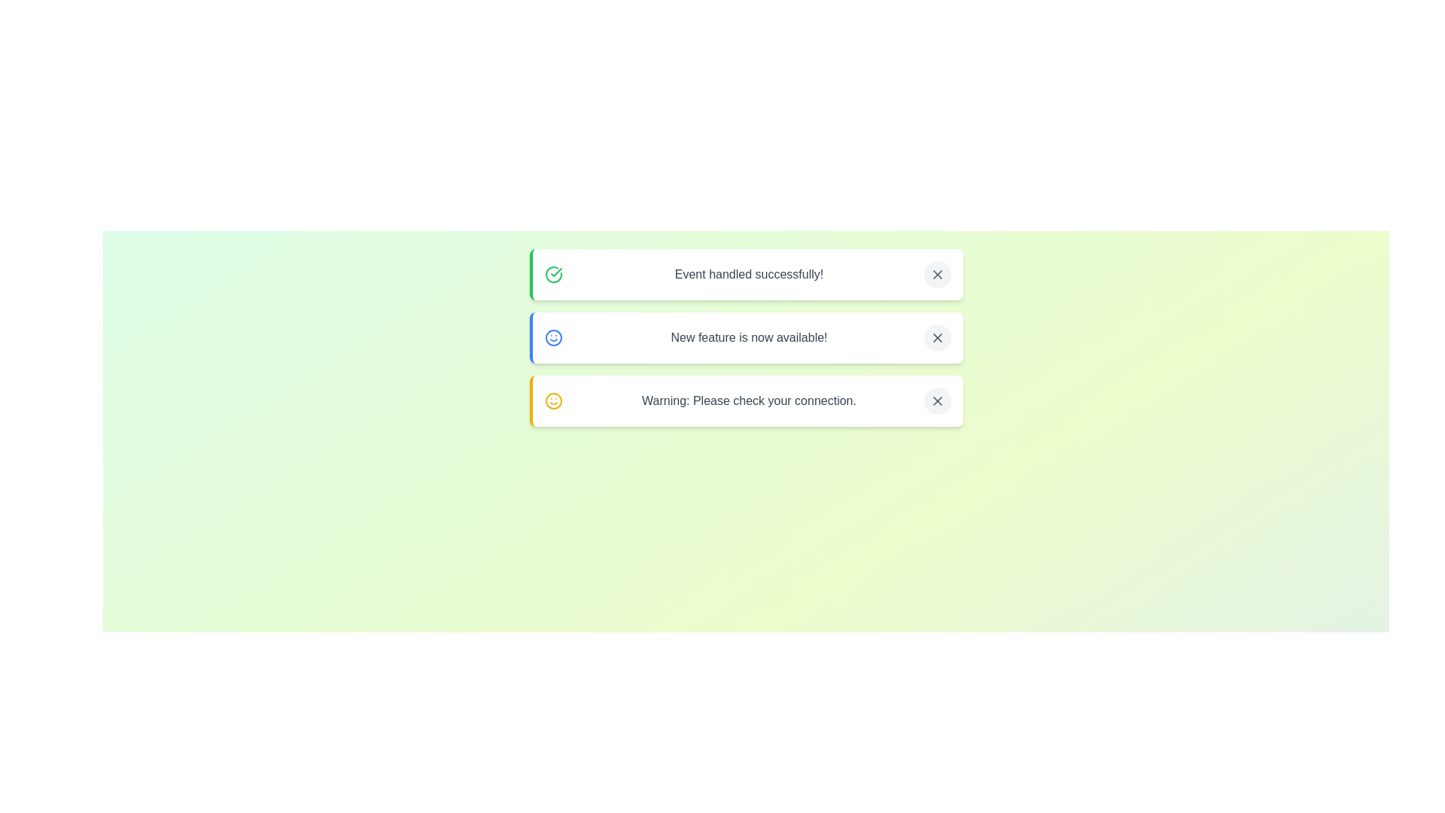 The width and height of the screenshot is (1445, 813). What do you see at coordinates (936, 336) in the screenshot?
I see `the close button icon located in the top-right corner of the middle notification card that dismisses the notification message 'New feature is now available!'` at bounding box center [936, 336].